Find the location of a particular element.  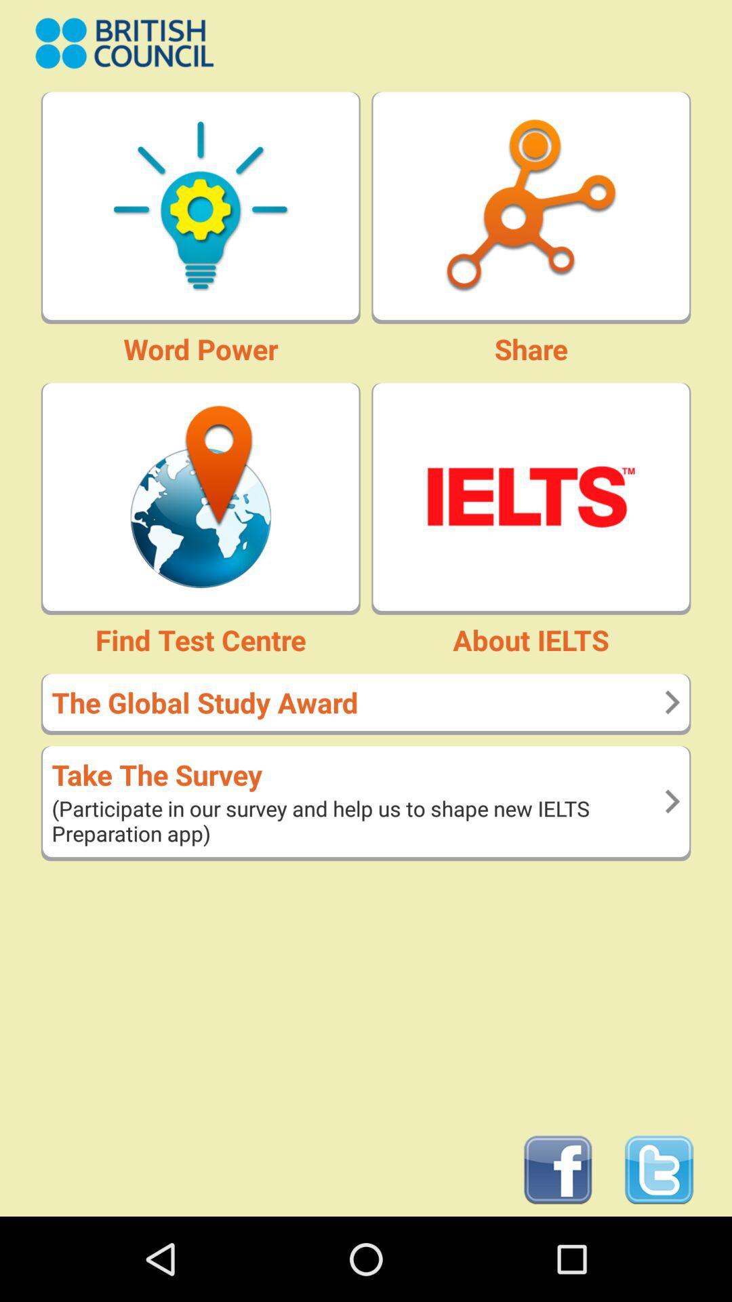

advertisement about ielts is located at coordinates (530, 496).